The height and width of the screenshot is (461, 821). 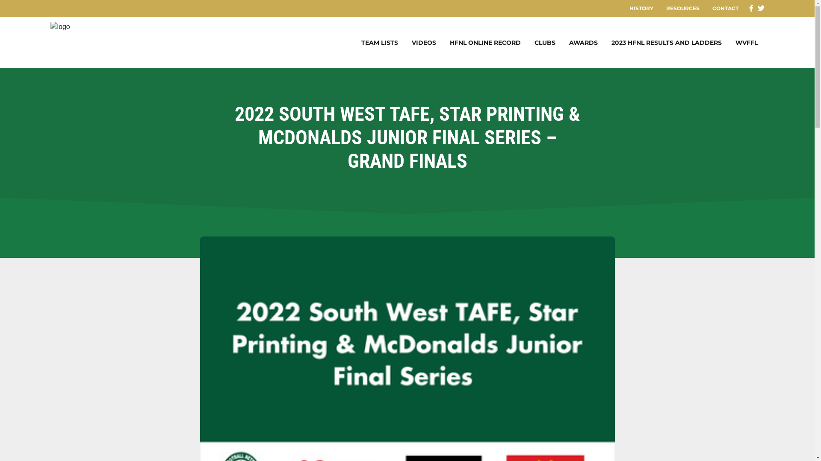 What do you see at coordinates (443, 43) in the screenshot?
I see `'HFNL ONLINE RECORD'` at bounding box center [443, 43].